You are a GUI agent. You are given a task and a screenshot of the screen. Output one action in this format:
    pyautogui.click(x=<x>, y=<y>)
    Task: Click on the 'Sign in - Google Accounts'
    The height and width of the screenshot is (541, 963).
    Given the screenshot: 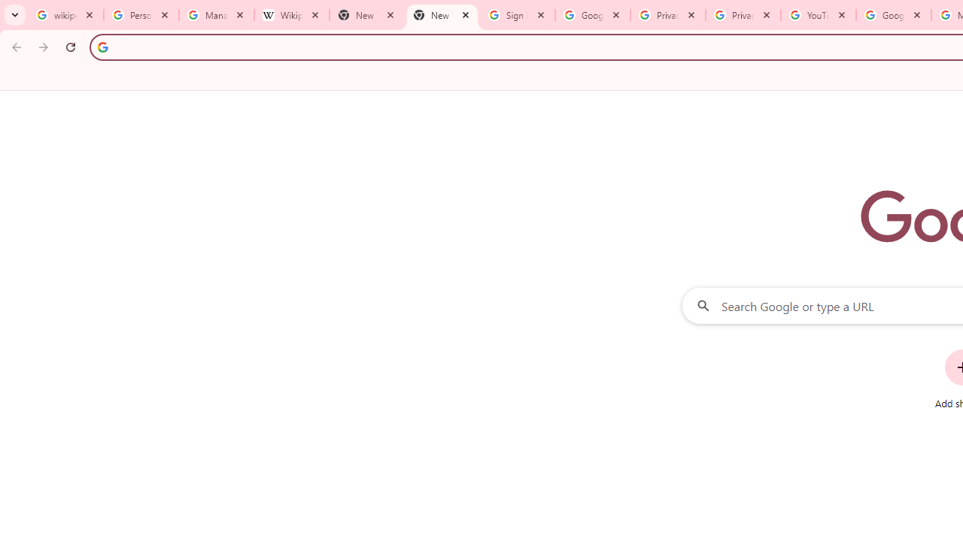 What is the action you would take?
    pyautogui.click(x=518, y=15)
    